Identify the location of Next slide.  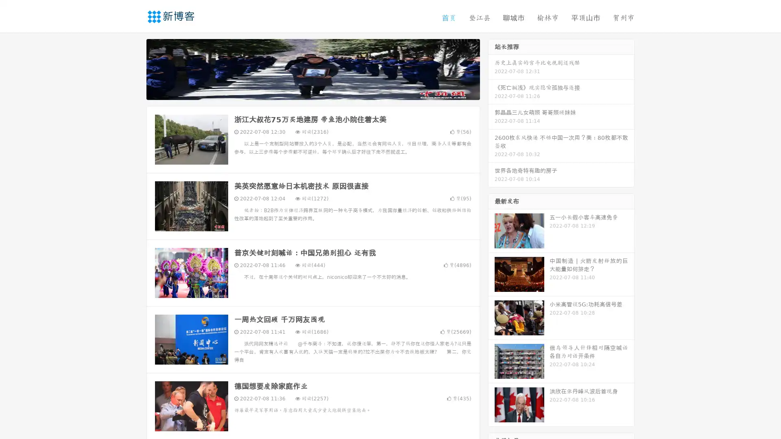
(491, 68).